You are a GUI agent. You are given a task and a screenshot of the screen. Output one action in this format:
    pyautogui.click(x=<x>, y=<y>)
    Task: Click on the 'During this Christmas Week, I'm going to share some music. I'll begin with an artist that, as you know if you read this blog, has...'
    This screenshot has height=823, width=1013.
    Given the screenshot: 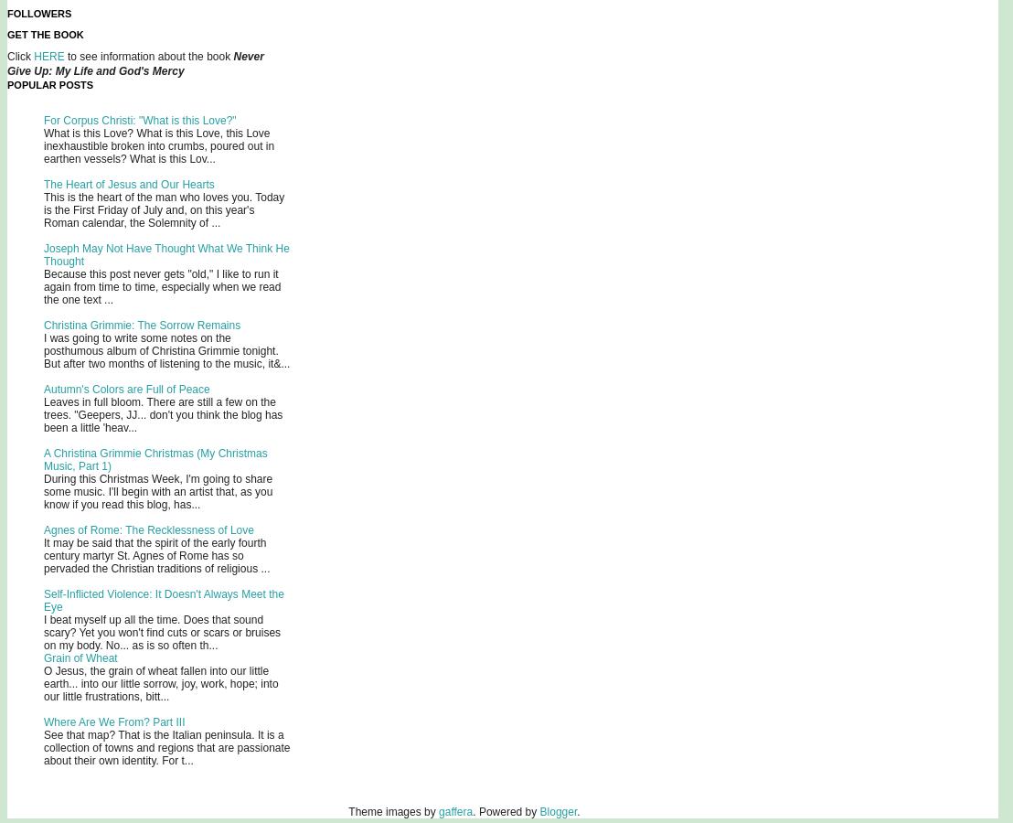 What is the action you would take?
    pyautogui.click(x=156, y=491)
    